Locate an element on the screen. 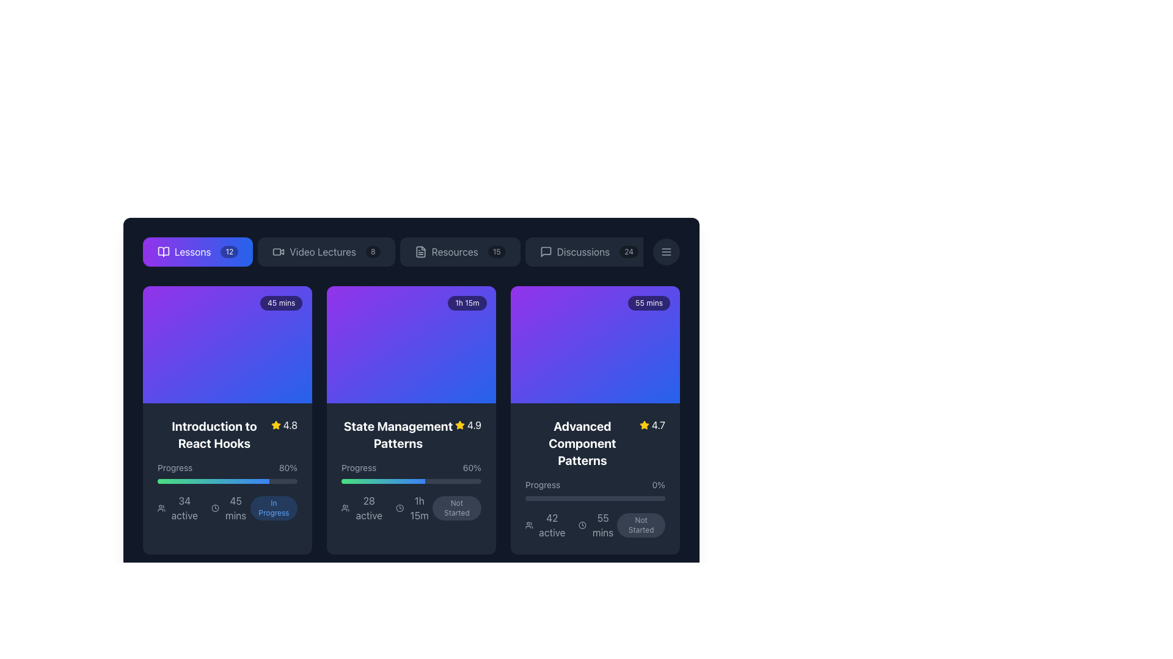  the button that navigates to the 'Video Lectures' section, positioned between the 'Lessons' tab and the 'Resources' tab is located at coordinates (326, 251).